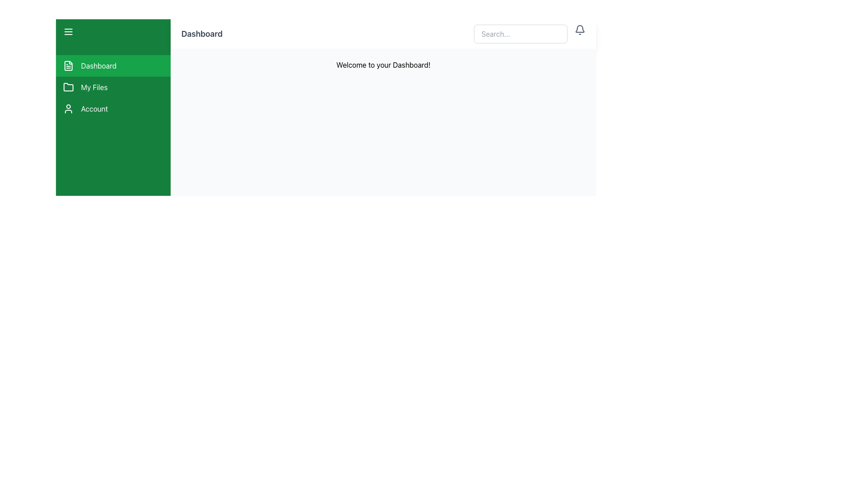 This screenshot has height=484, width=860. I want to click on the 'Dashboard' text label in the vertical navigation menu, which indicates the associated button leads to the application's Dashboard, so click(99, 65).